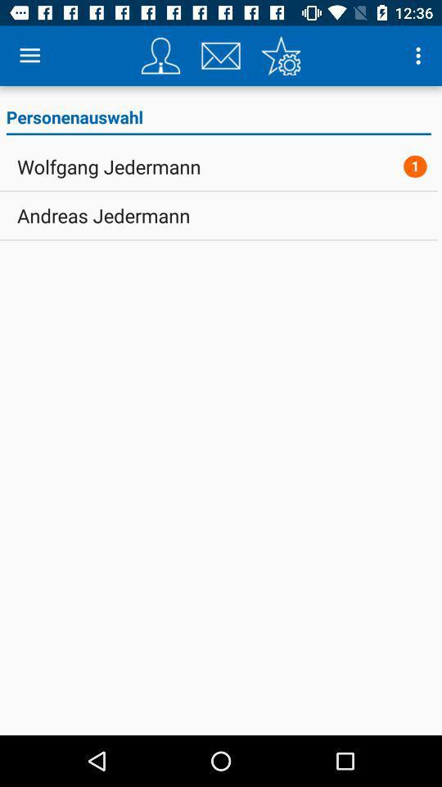 Image resolution: width=442 pixels, height=787 pixels. What do you see at coordinates (280, 56) in the screenshot?
I see `mark as a favorite` at bounding box center [280, 56].